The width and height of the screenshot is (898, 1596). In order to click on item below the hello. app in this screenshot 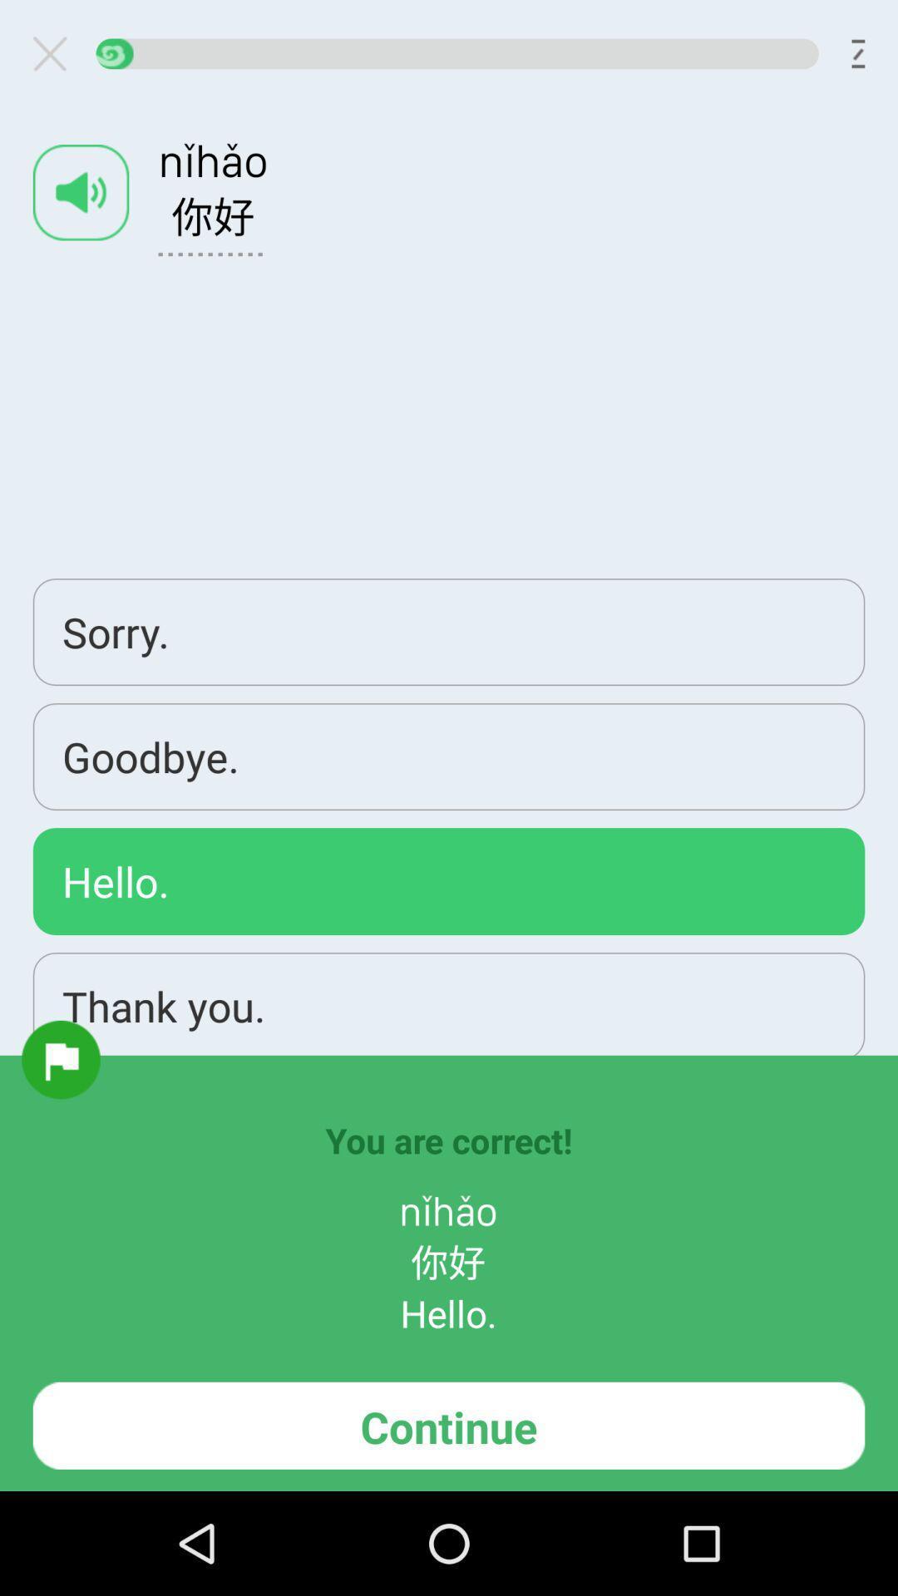, I will do `click(60, 1059)`.